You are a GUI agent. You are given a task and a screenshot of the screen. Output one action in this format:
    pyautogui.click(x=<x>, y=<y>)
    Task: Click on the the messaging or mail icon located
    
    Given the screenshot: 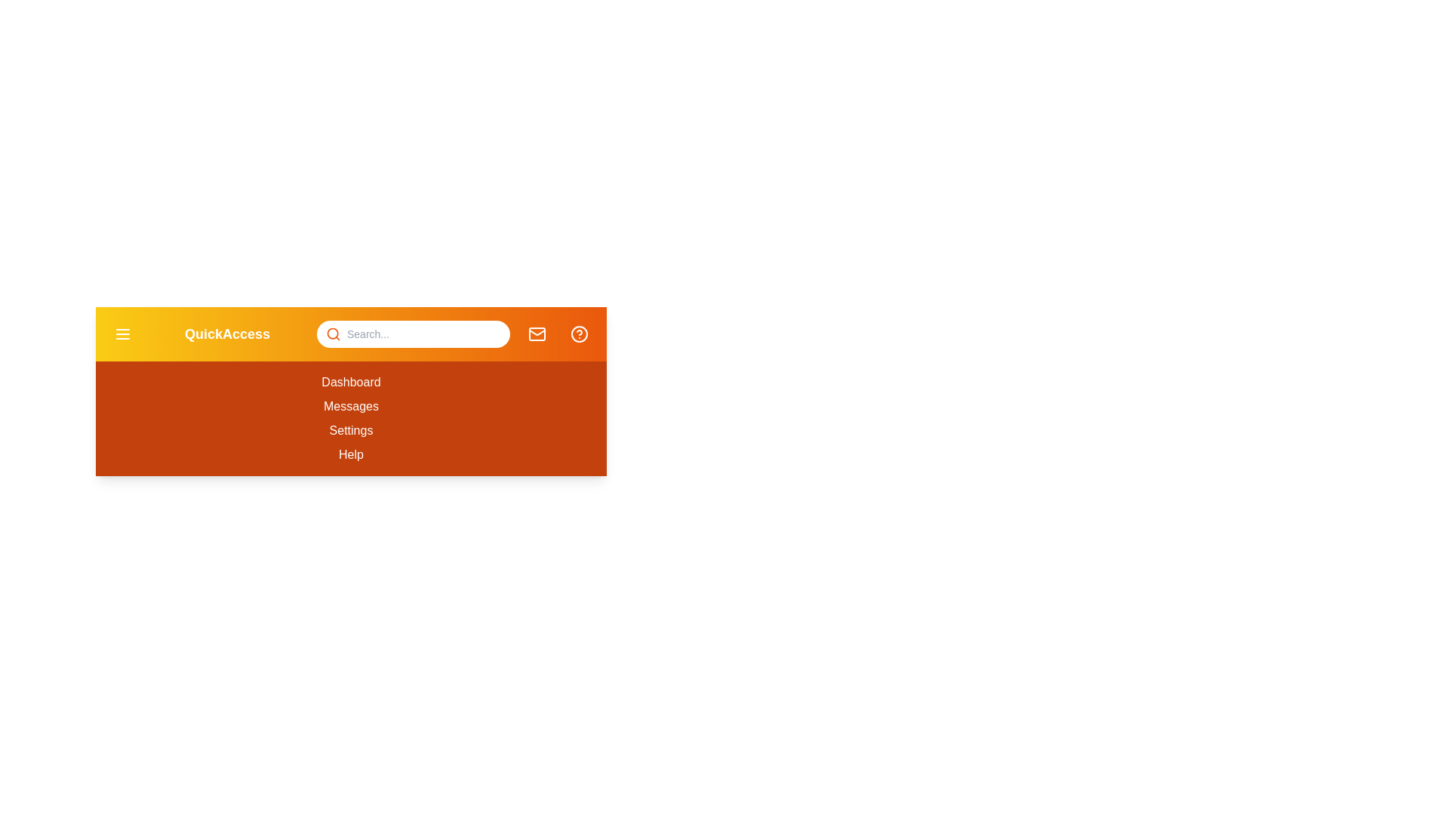 What is the action you would take?
    pyautogui.click(x=537, y=334)
    